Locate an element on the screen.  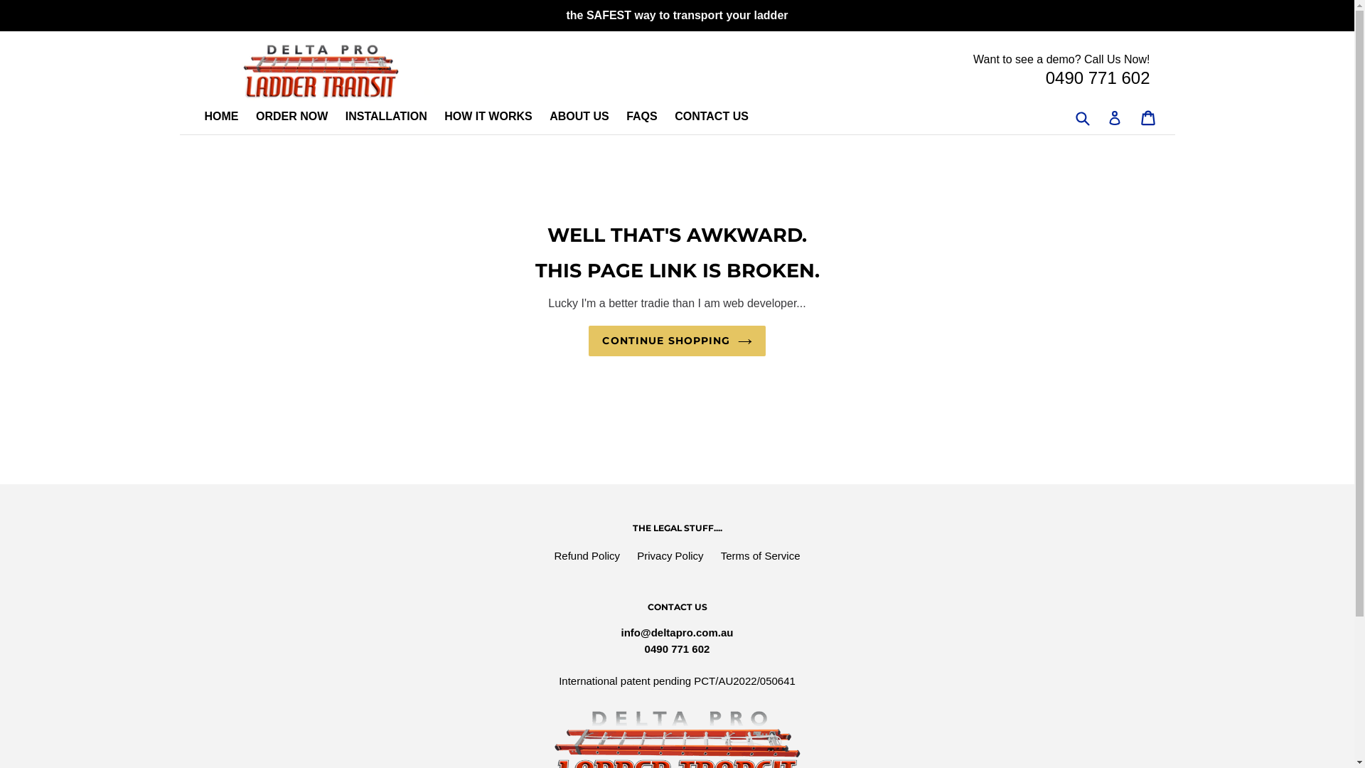
'HOW IT WORKS' is located at coordinates (443, 117).